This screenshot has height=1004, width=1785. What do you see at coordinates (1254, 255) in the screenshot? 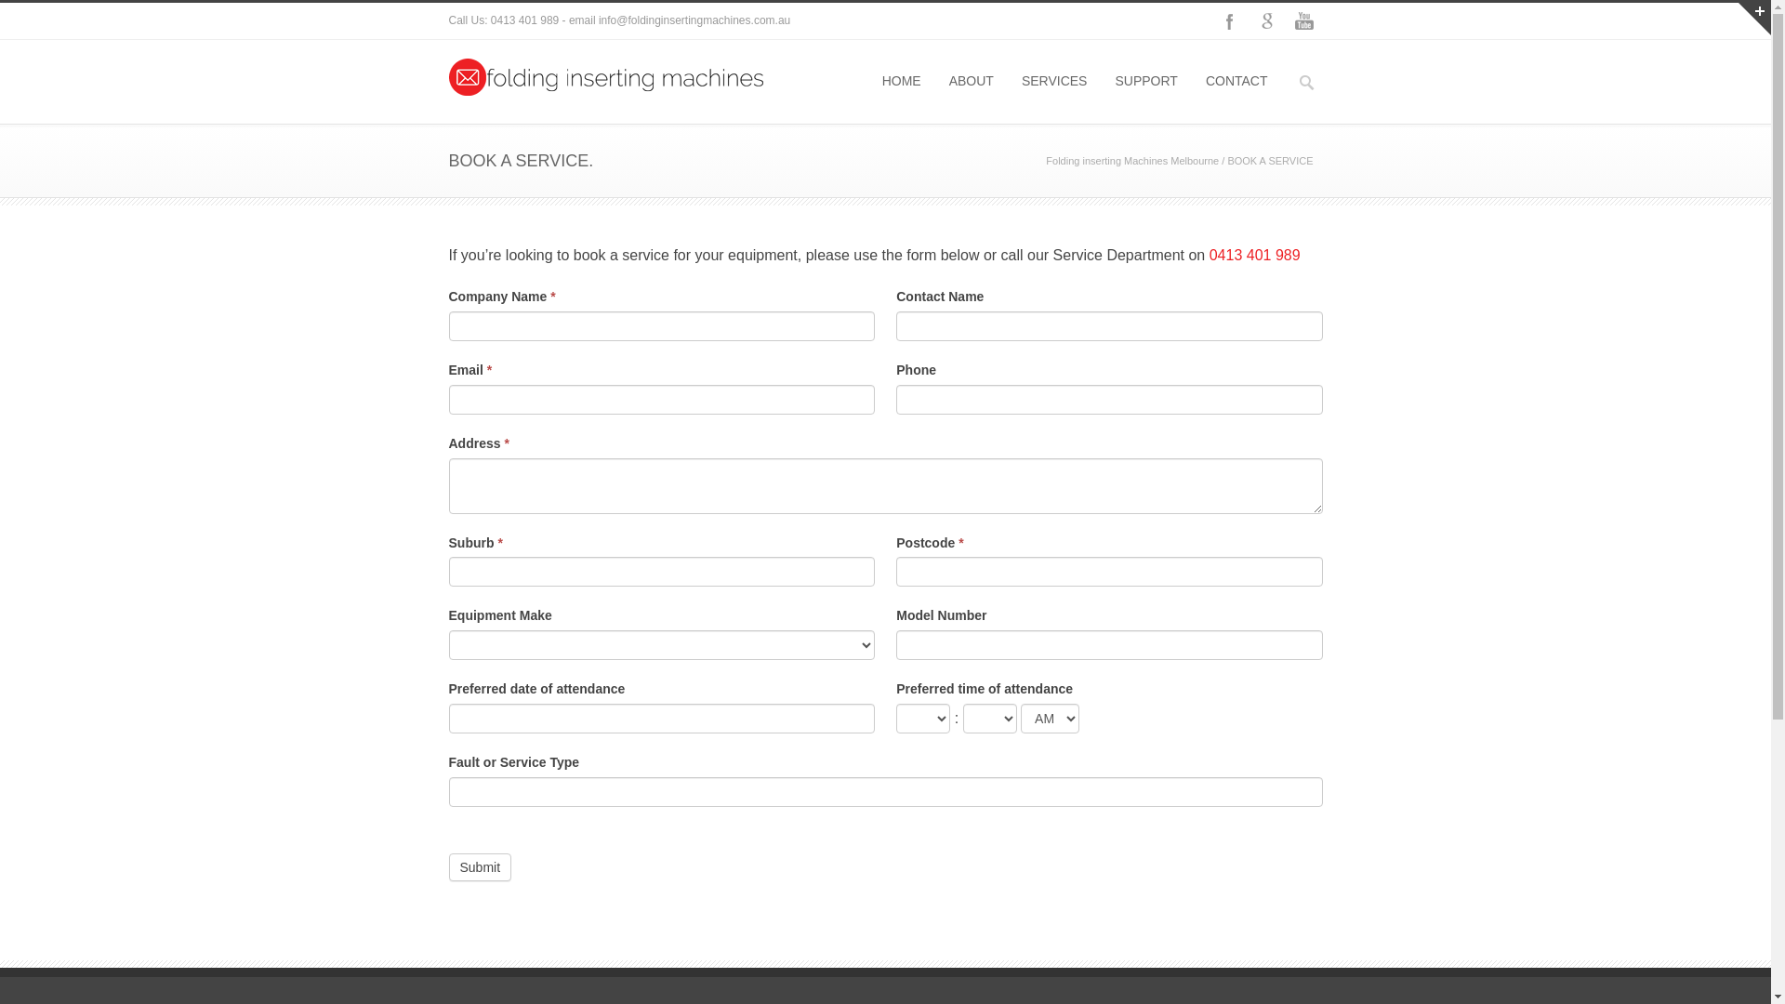
I see `'0413 401 989'` at bounding box center [1254, 255].